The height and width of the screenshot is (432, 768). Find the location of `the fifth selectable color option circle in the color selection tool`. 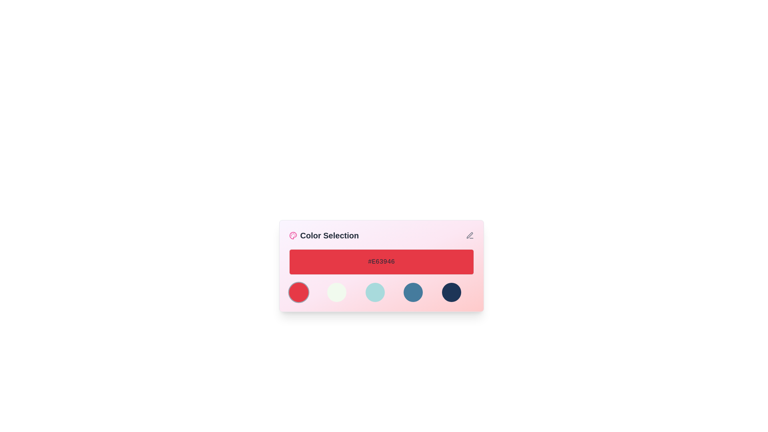

the fifth selectable color option circle in the color selection tool is located at coordinates (451, 292).